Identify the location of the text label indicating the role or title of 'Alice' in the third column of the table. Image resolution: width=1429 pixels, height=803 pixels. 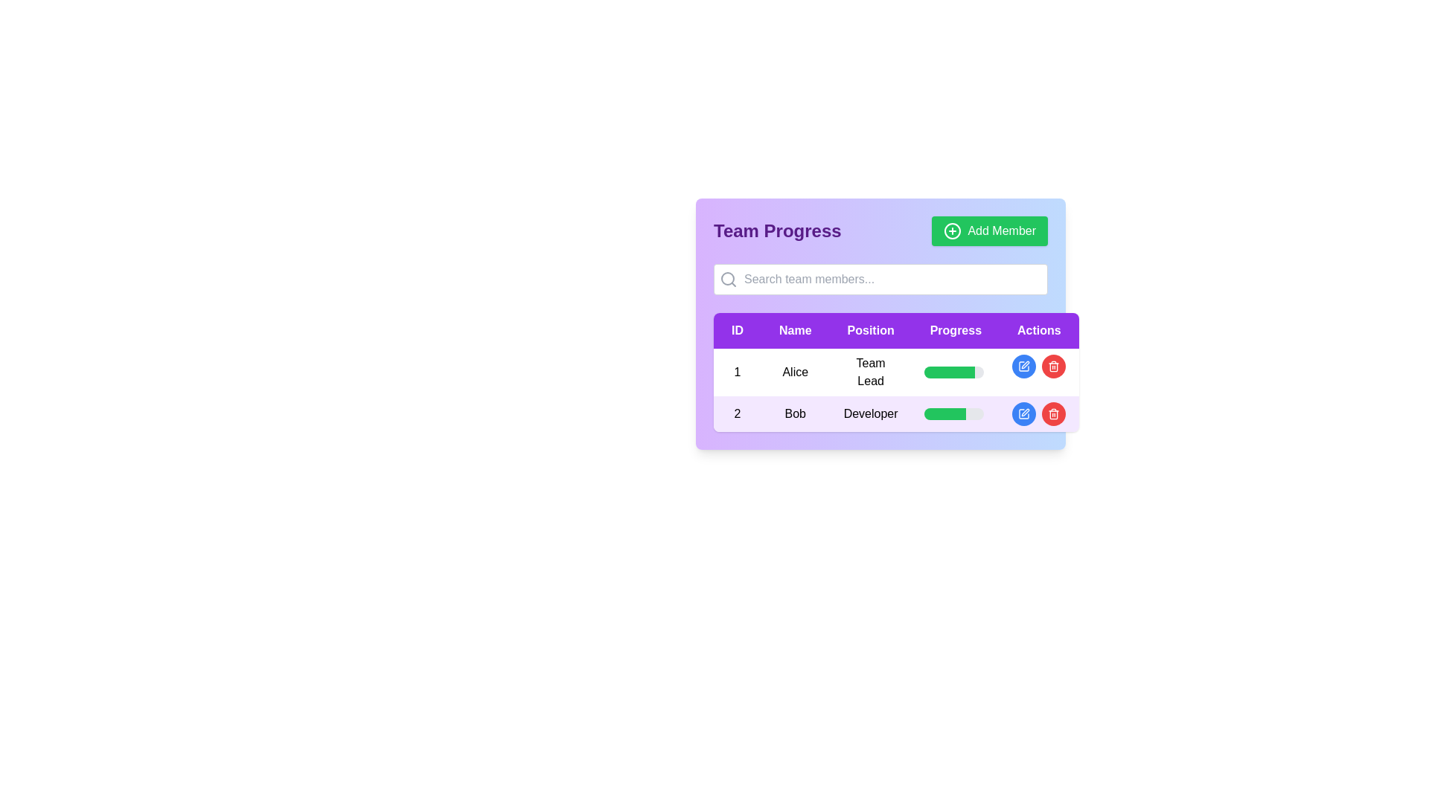
(871, 372).